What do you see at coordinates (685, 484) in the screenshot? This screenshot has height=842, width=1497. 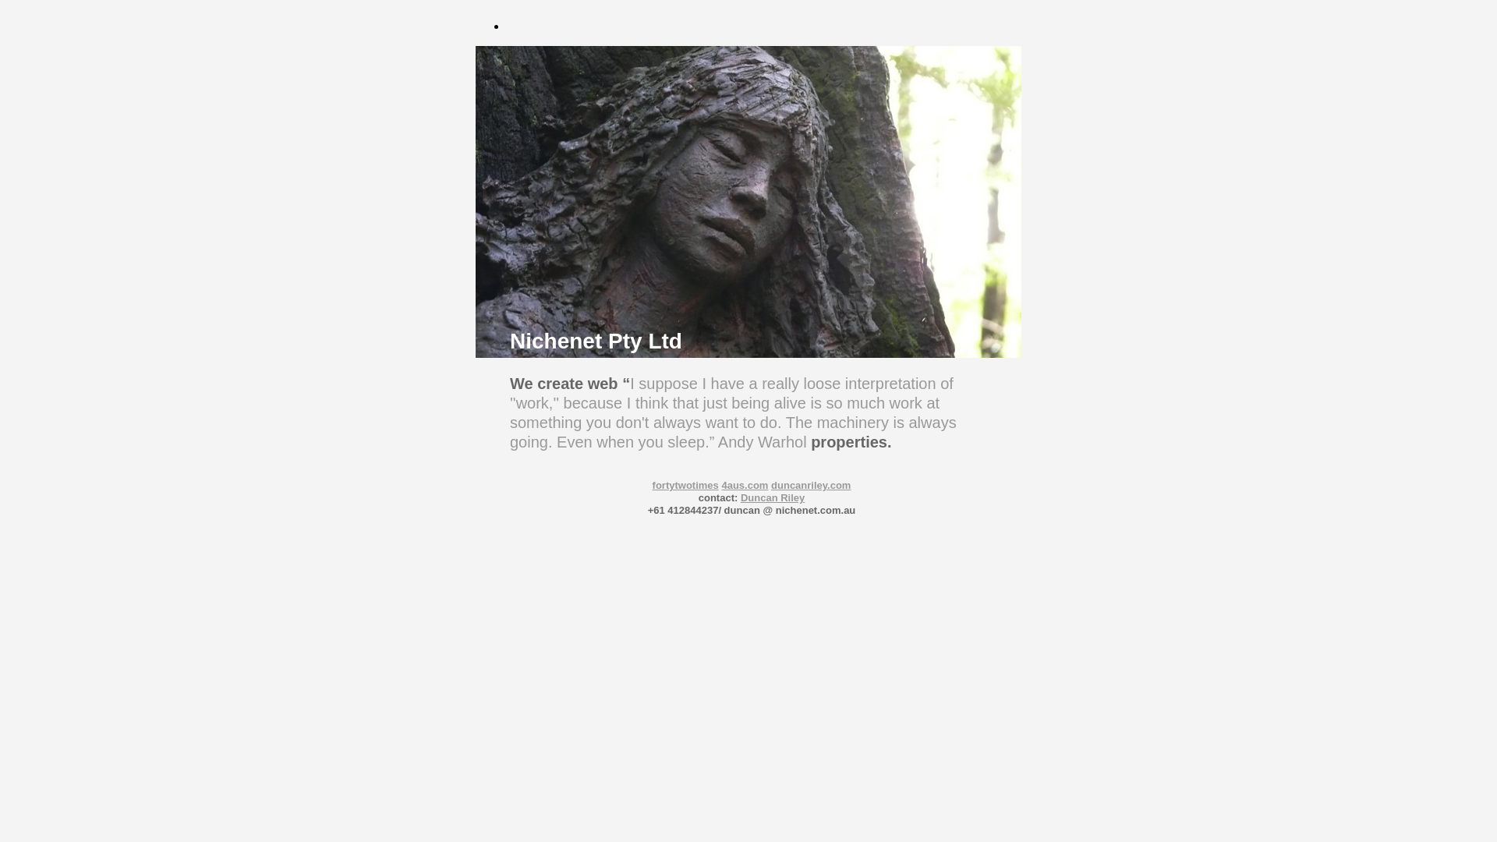 I see `'fortytwotimes'` at bounding box center [685, 484].